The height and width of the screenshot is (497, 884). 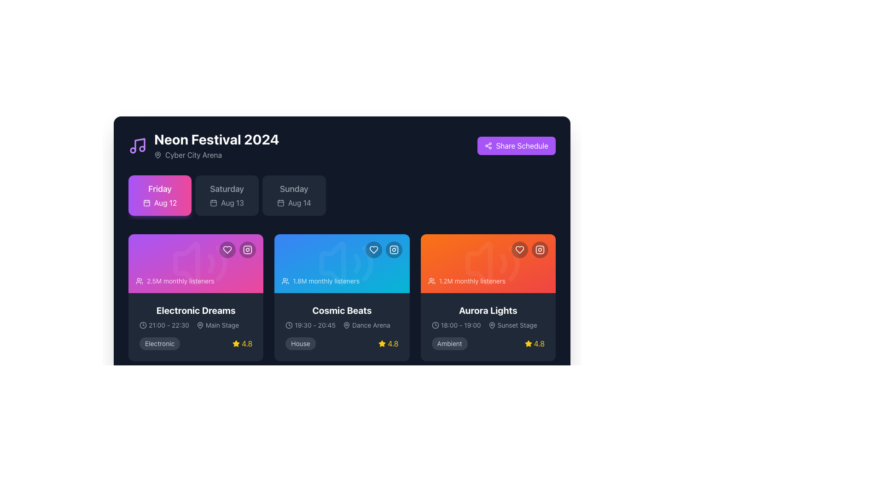 I want to click on the text label displaying the rating '4.8' in bold yellow font, located at the bottom-right of the 'Electronic Dreams' card next to a yellow star icon, so click(x=247, y=344).